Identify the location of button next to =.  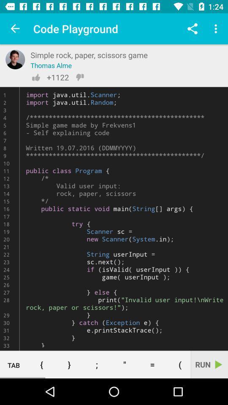
(124, 364).